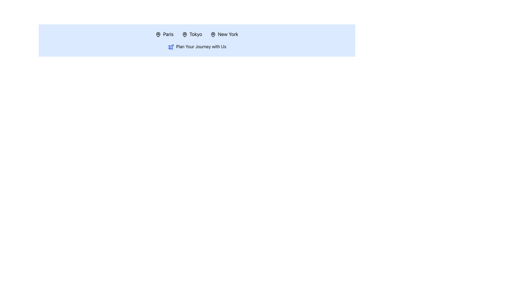 This screenshot has height=286, width=509. Describe the element at coordinates (224, 34) in the screenshot. I see `the clickable text with icon representing 'New York'` at that location.